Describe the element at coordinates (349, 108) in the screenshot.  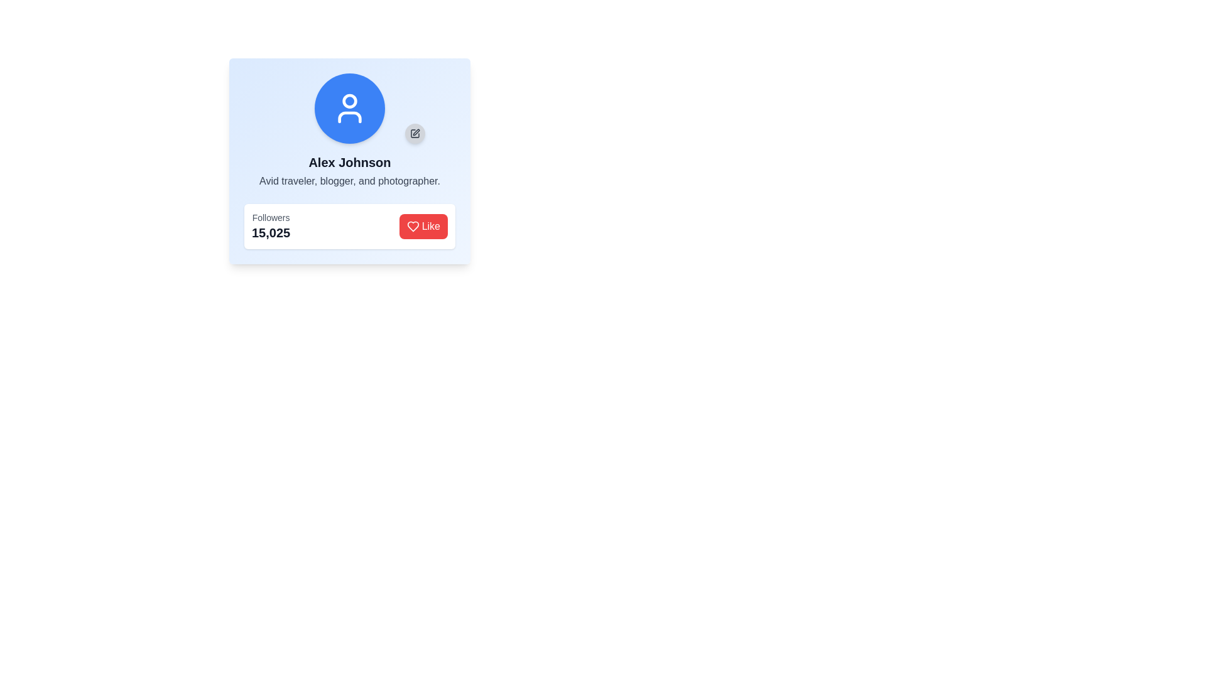
I see `the User Avatar Icon located at the top center of the card element, which serves as a profile identification icon` at that location.